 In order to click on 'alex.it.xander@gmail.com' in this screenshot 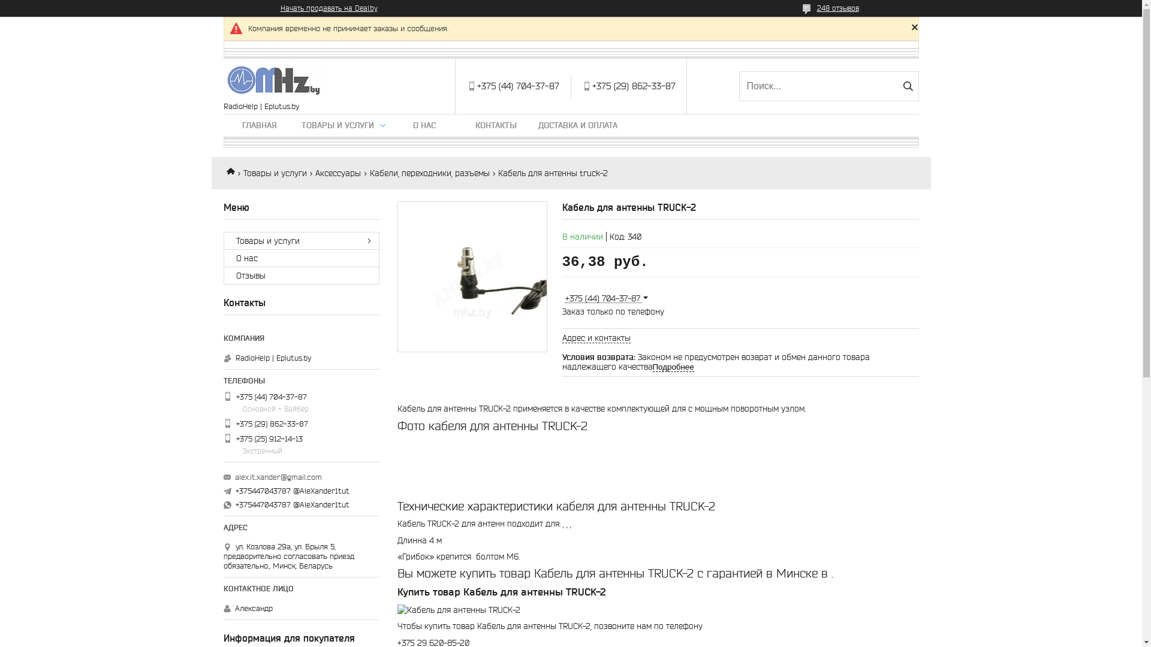, I will do `click(278, 477)`.